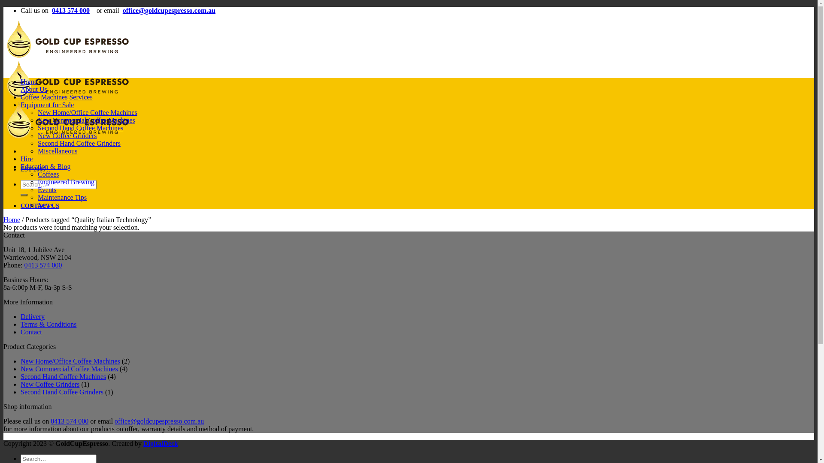  What do you see at coordinates (48, 174) in the screenshot?
I see `'Coffees'` at bounding box center [48, 174].